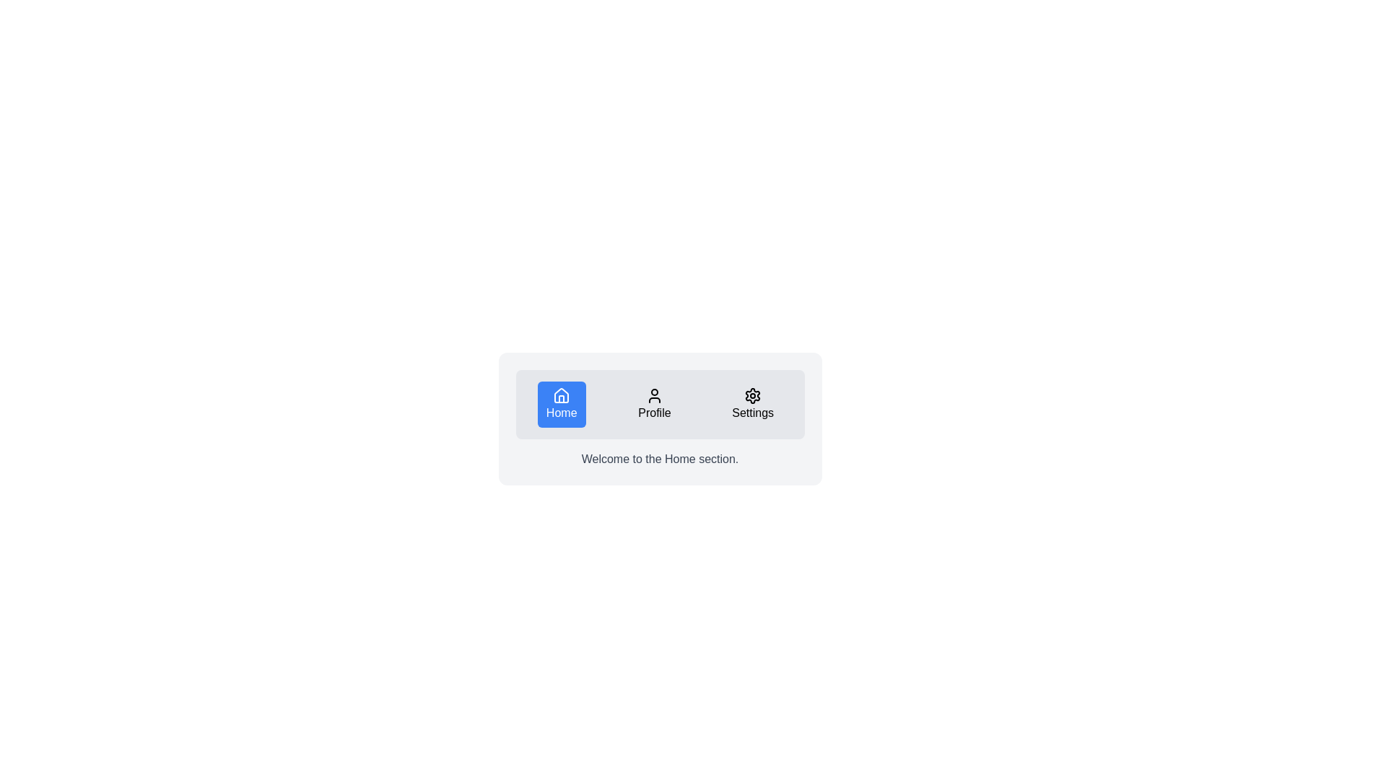 The width and height of the screenshot is (1386, 779). Describe the element at coordinates (752, 404) in the screenshot. I see `the 'Settings' button` at that location.